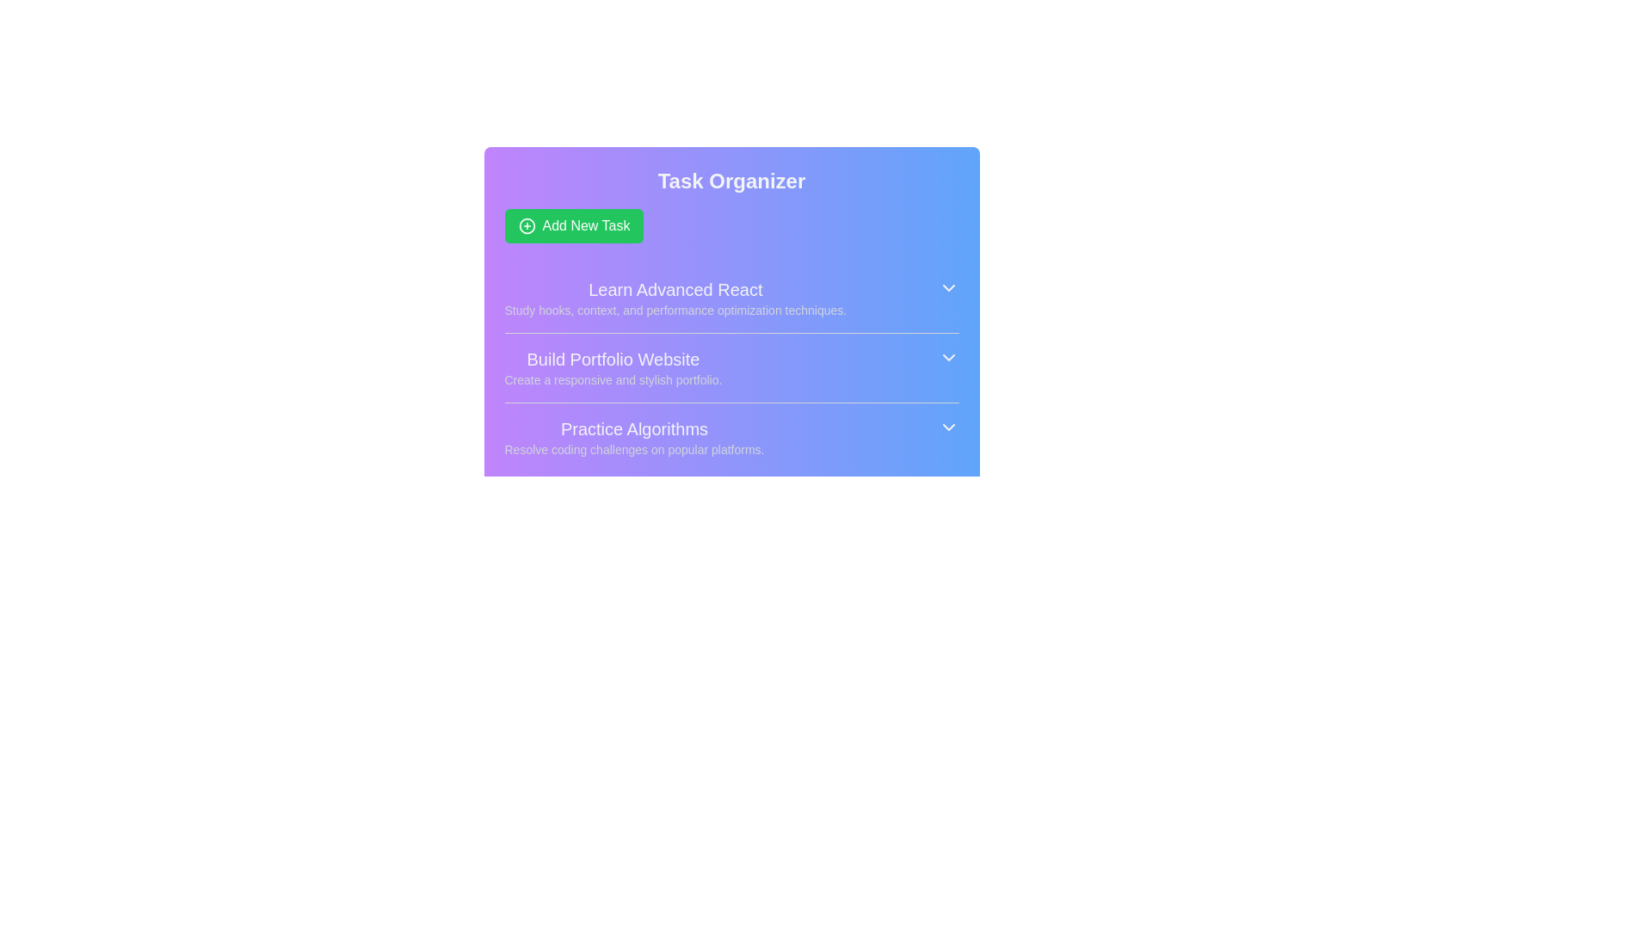 The height and width of the screenshot is (929, 1652). What do you see at coordinates (675, 298) in the screenshot?
I see `the text block that reads 'Learn Advanced React' to focus on this element` at bounding box center [675, 298].